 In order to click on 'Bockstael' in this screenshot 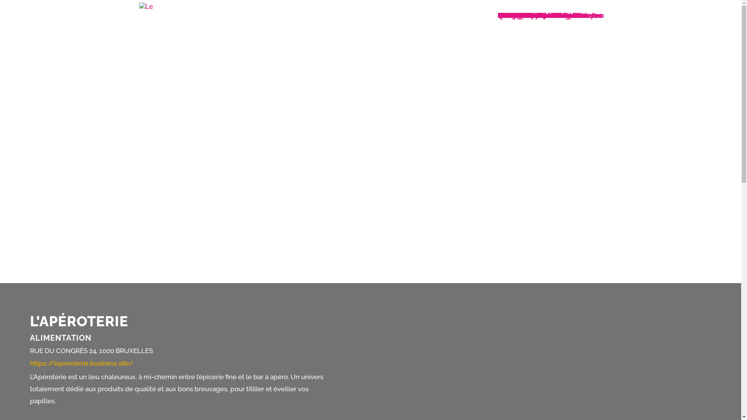, I will do `click(514, 15)`.